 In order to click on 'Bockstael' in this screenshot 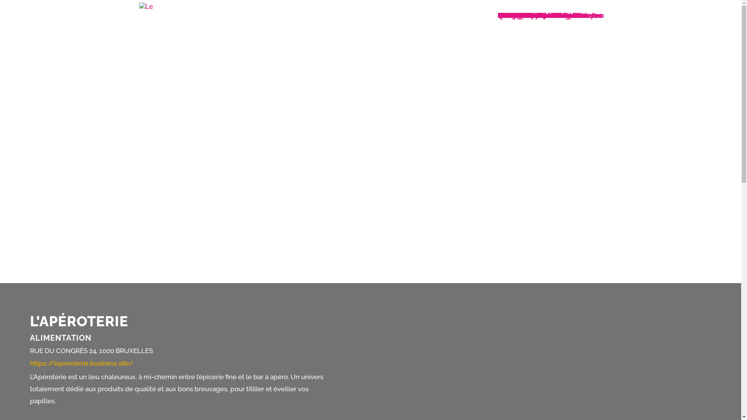, I will do `click(514, 15)`.